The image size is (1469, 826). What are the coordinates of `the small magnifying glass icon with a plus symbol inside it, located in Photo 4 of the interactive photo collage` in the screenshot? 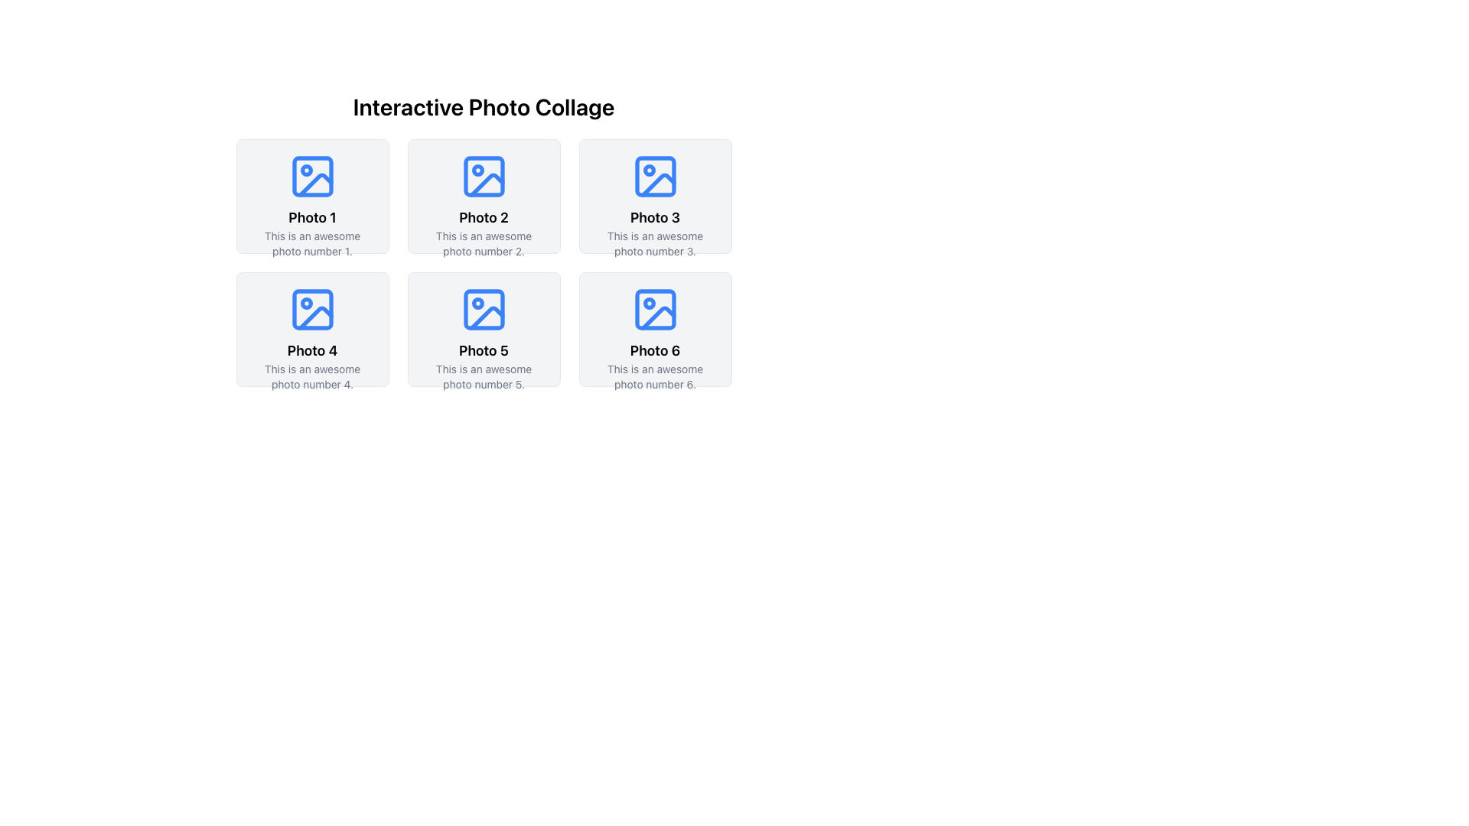 It's located at (311, 329).